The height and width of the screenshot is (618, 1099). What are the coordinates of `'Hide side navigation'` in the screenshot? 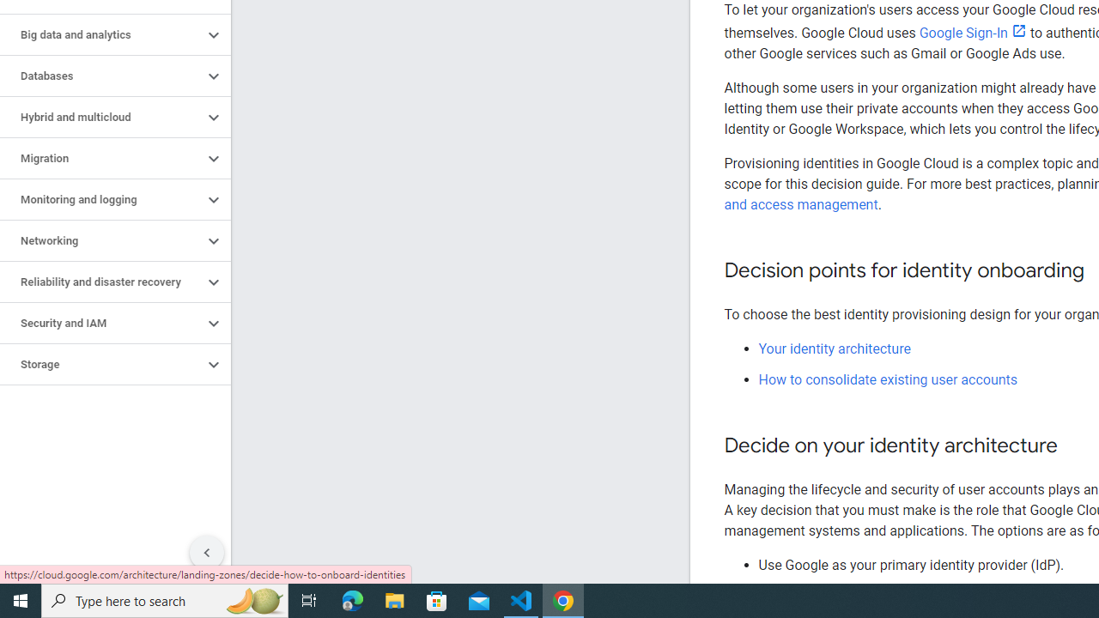 It's located at (206, 553).